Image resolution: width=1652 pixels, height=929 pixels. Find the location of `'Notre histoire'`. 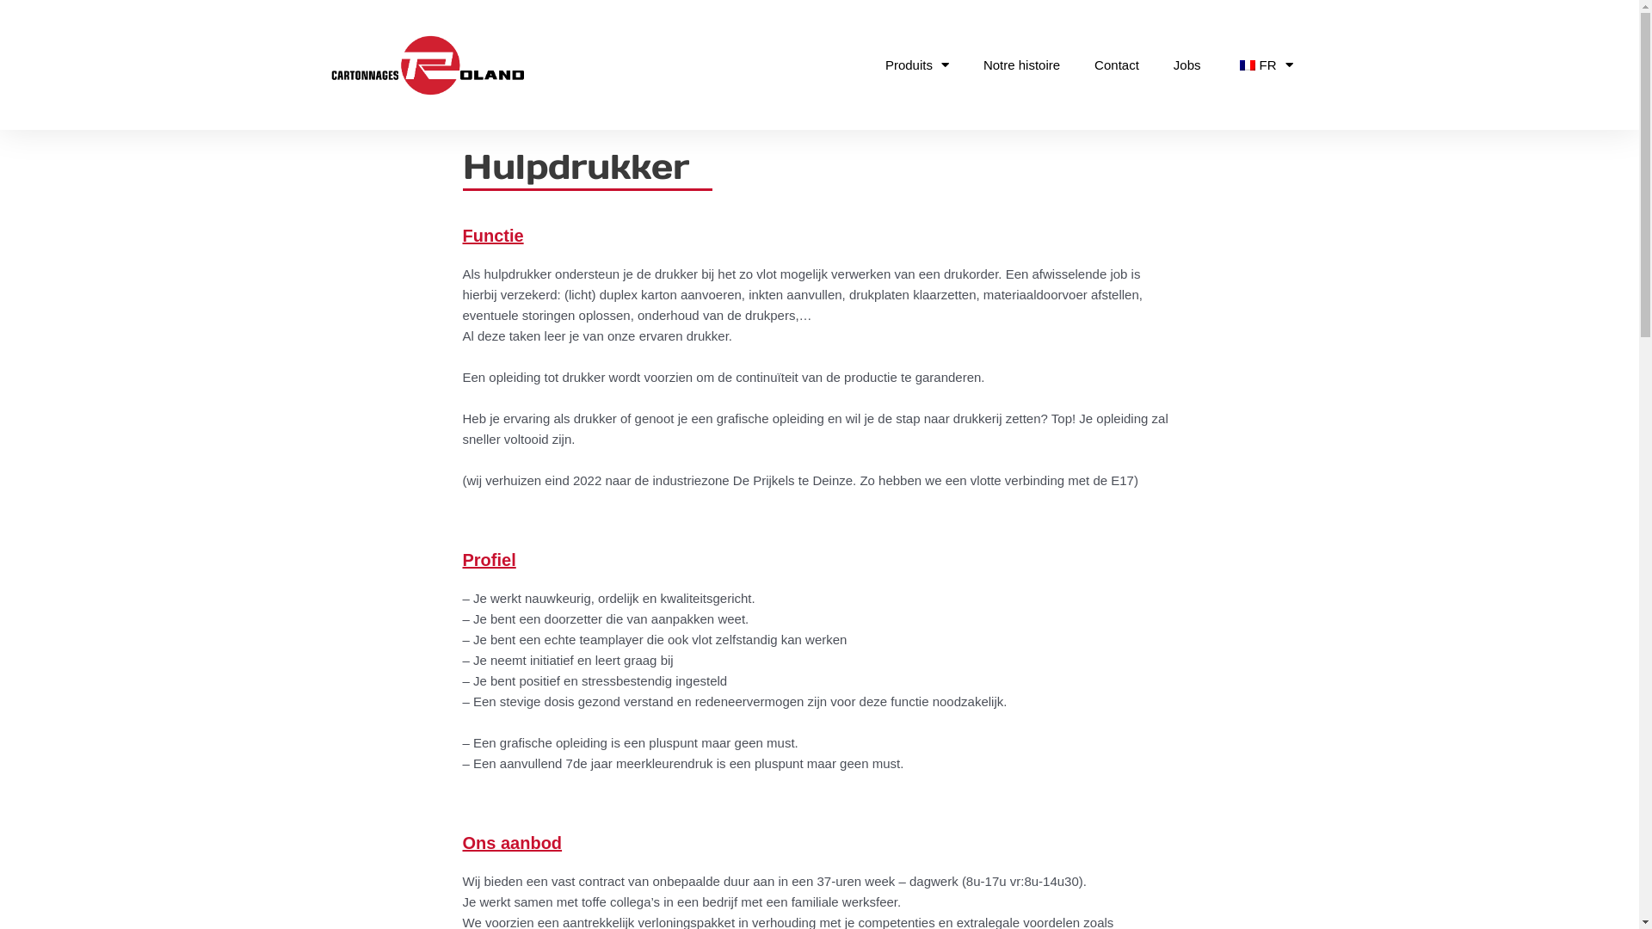

'Notre histoire' is located at coordinates (1021, 65).